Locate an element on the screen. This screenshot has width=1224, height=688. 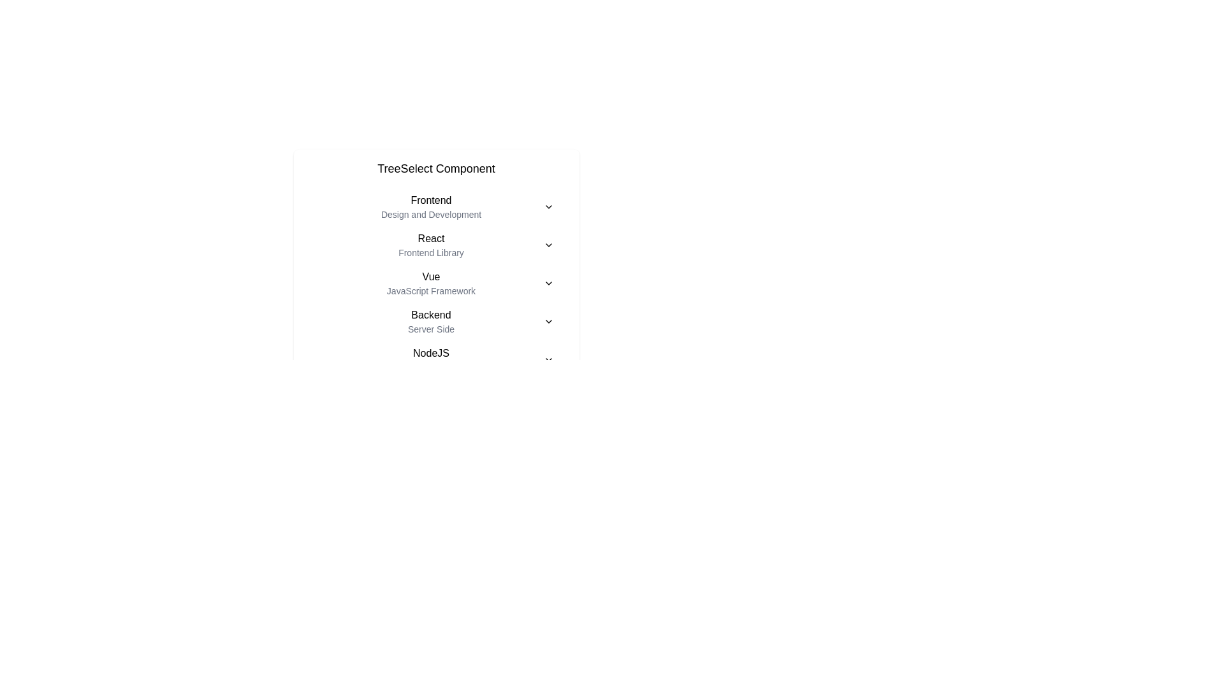
the 'Server Side' text label, which is styled with a smaller font size and light gray color, positioned directly below the bold 'Backend' text in a tree-like selectable menu is located at coordinates (431, 328).